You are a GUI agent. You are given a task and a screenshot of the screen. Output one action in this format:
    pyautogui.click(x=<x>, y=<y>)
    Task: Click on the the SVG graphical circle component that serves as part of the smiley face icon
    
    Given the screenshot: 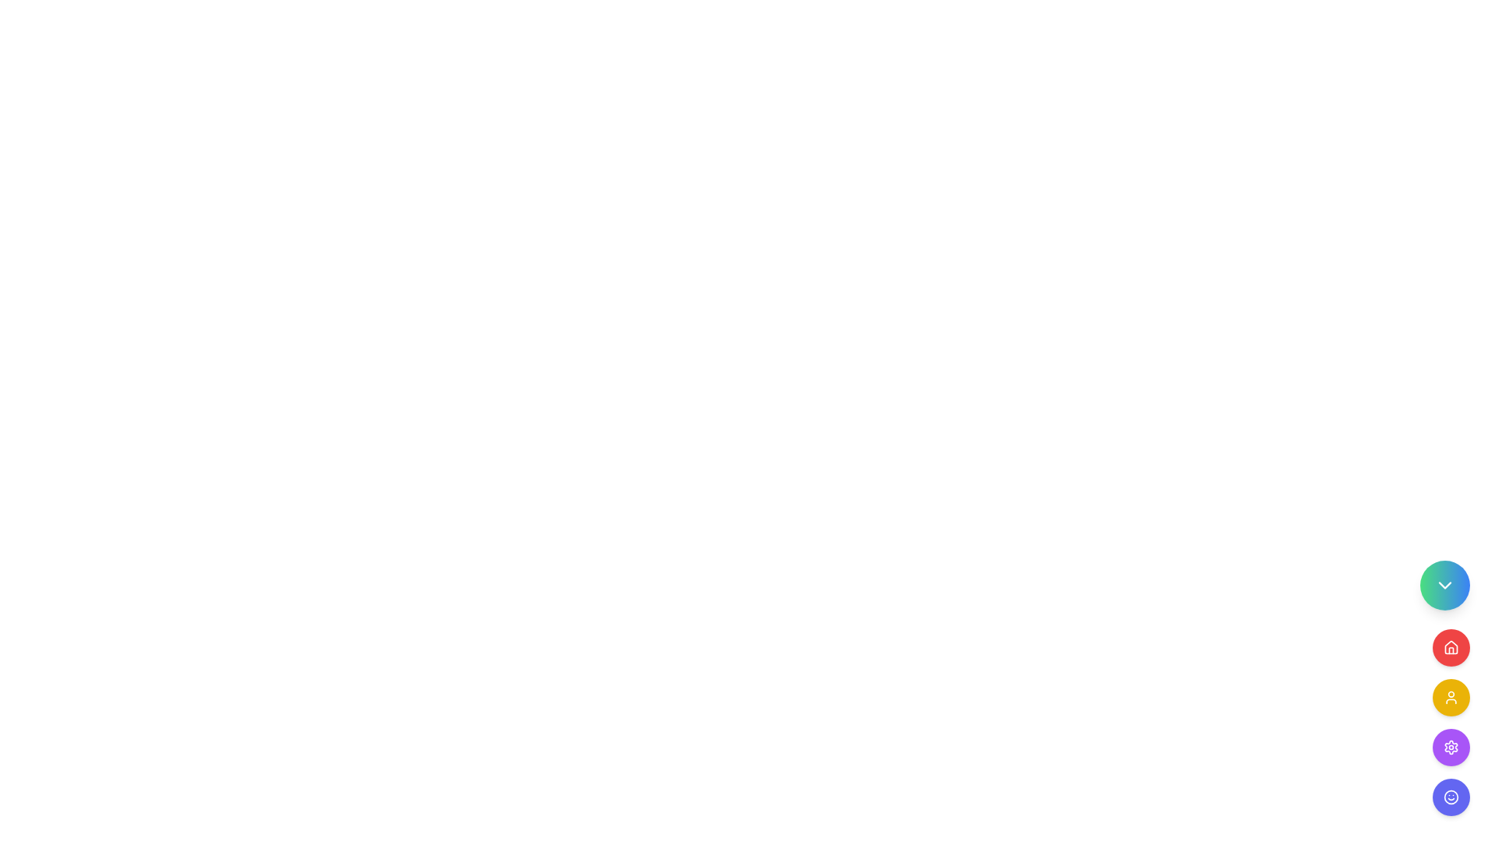 What is the action you would take?
    pyautogui.click(x=1450, y=797)
    